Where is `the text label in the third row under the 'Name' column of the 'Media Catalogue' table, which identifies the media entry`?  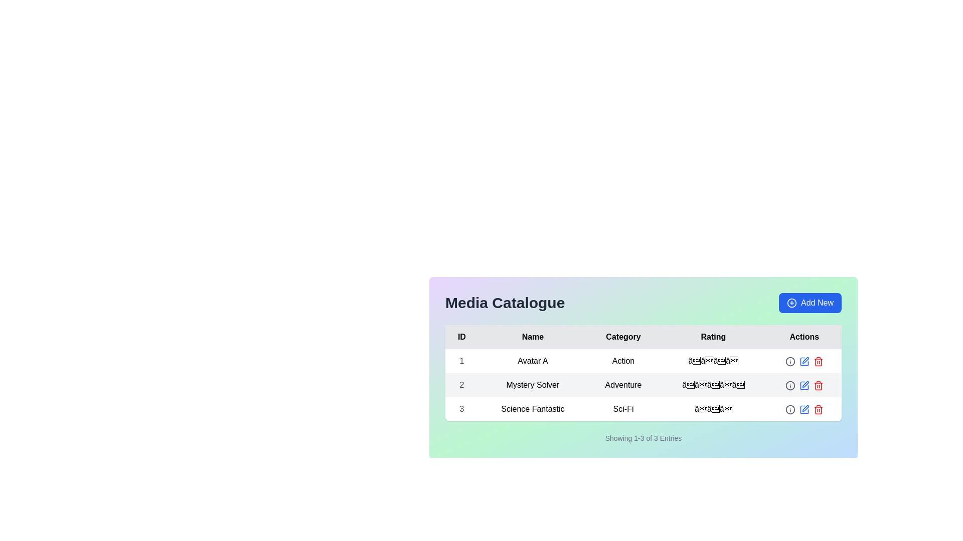
the text label in the third row under the 'Name' column of the 'Media Catalogue' table, which identifies the media entry is located at coordinates (532, 409).